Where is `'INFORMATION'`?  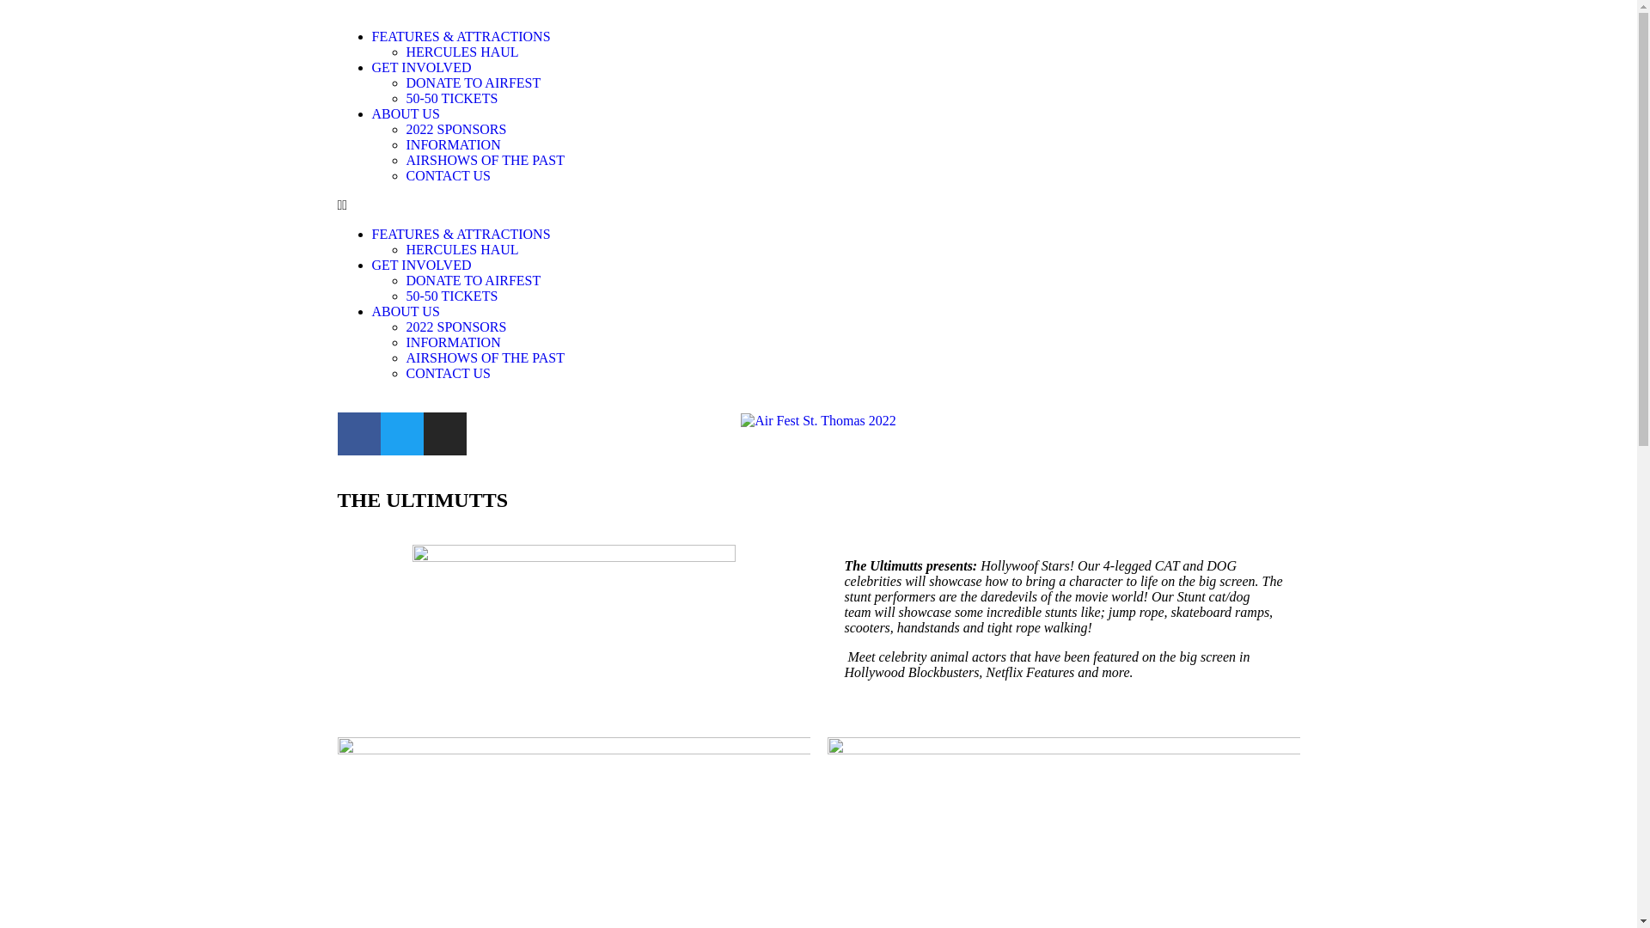 'INFORMATION' is located at coordinates (404, 342).